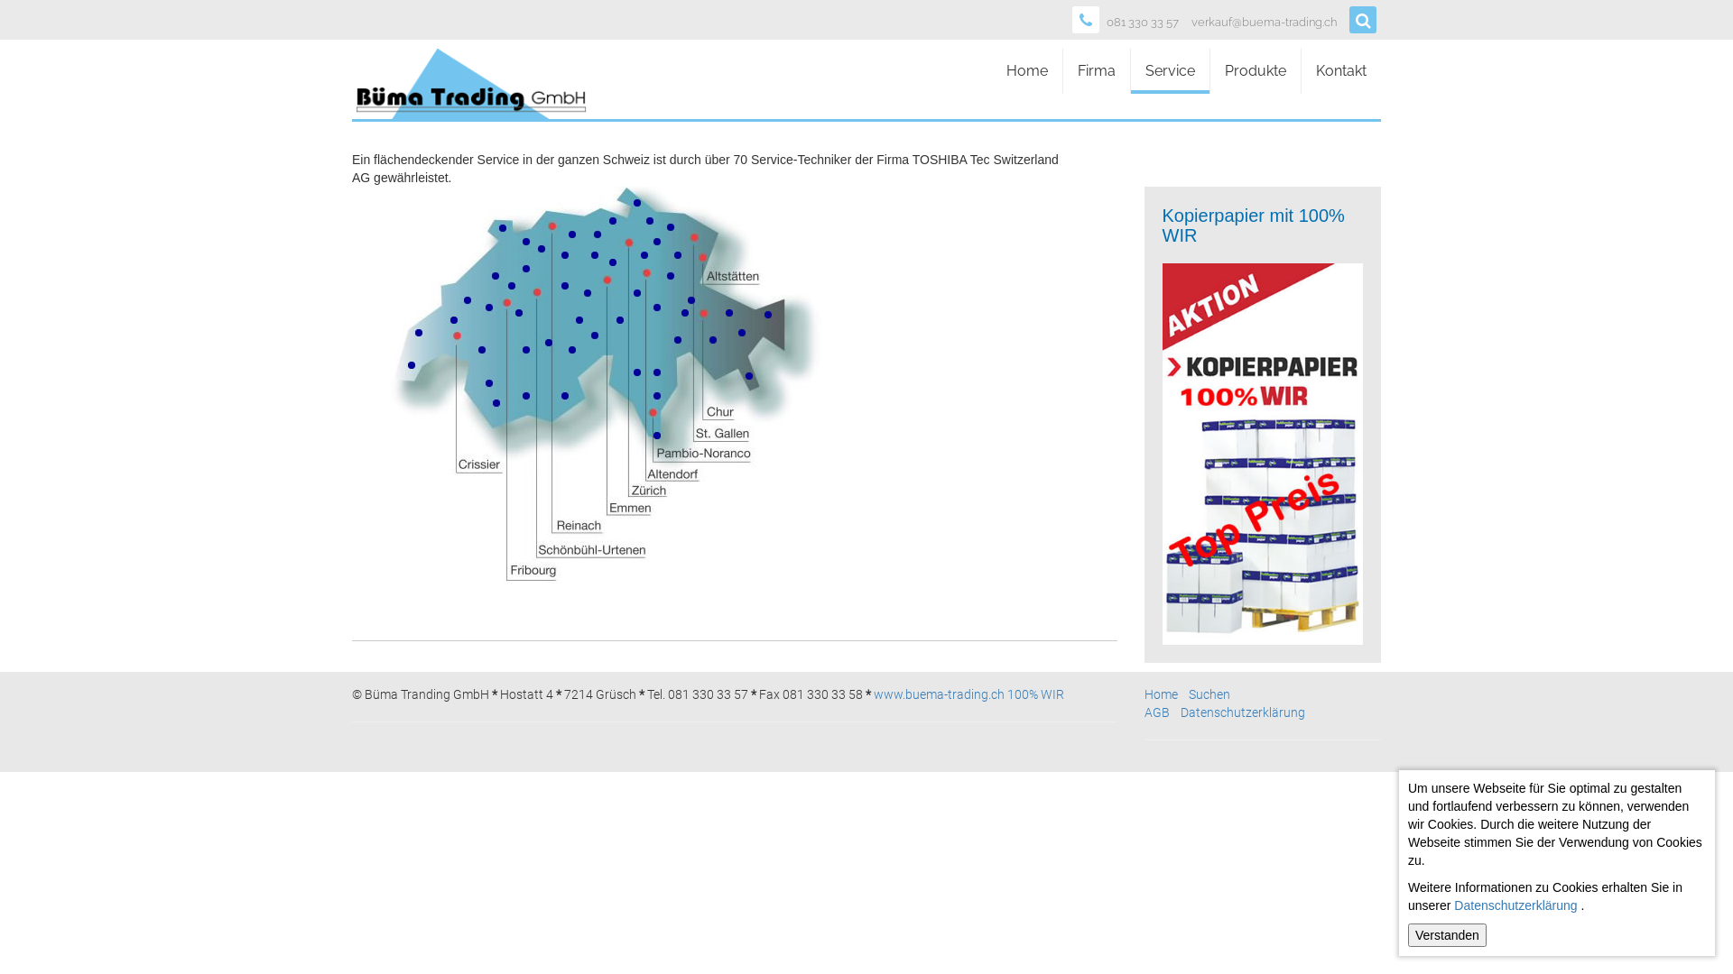 The height and width of the screenshot is (974, 1733). What do you see at coordinates (939, 694) in the screenshot?
I see `'www.buema-trading.ch'` at bounding box center [939, 694].